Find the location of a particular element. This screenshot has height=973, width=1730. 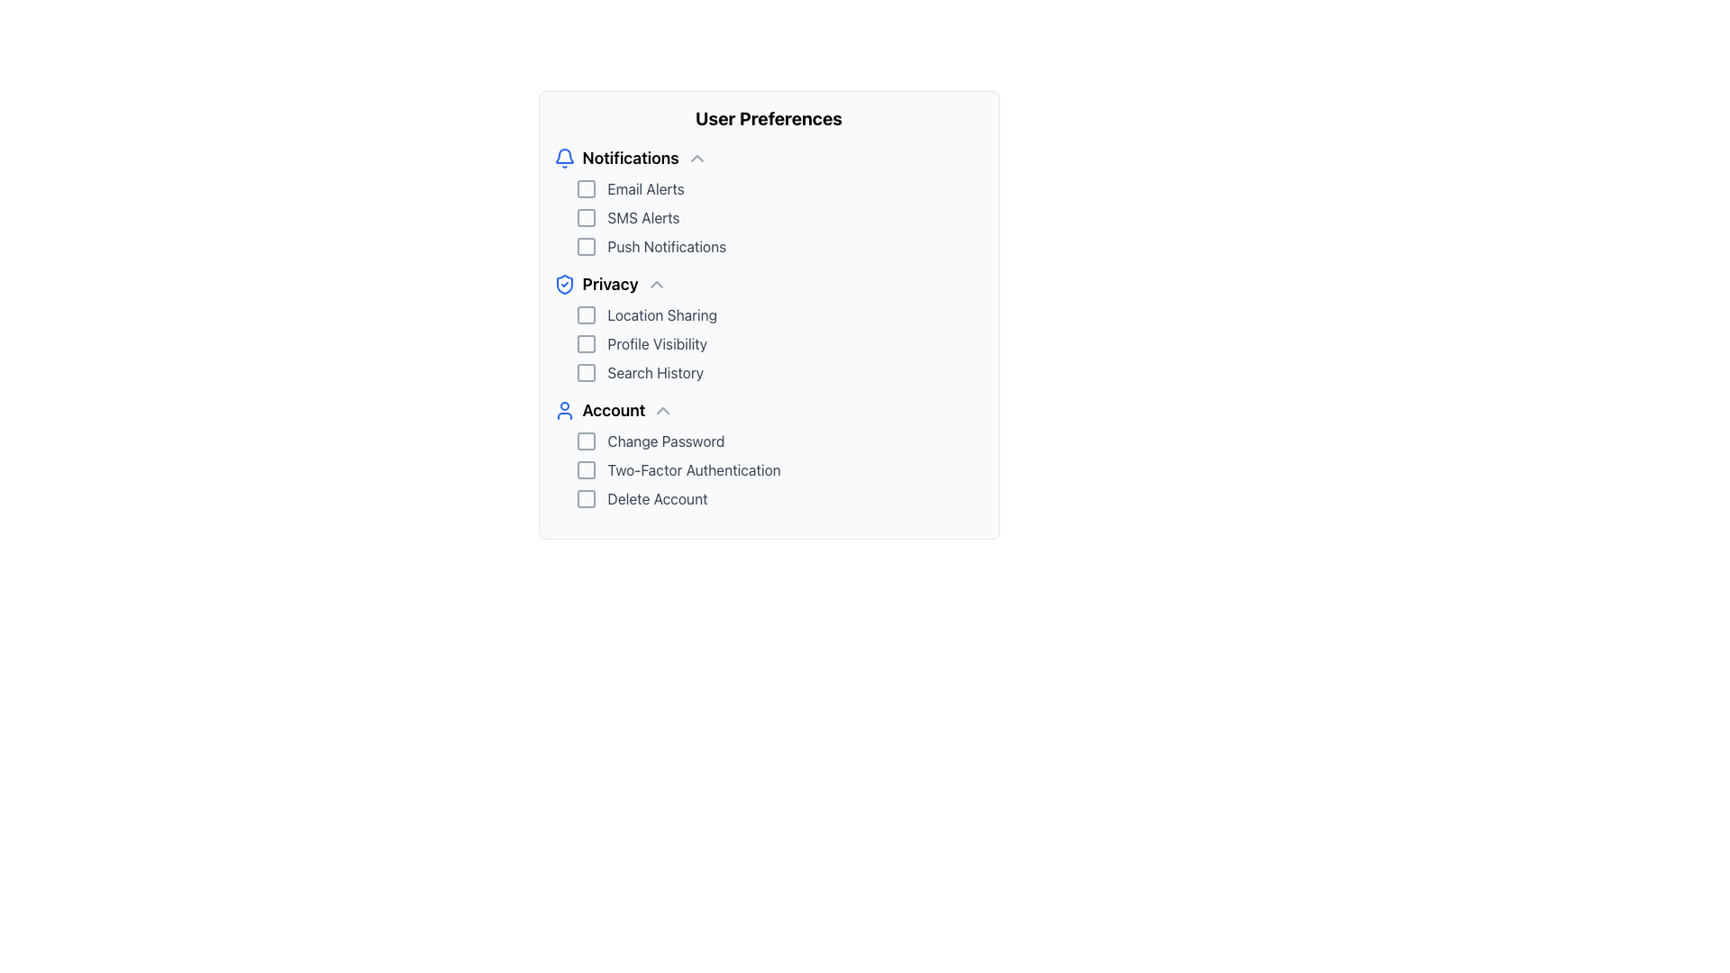

the square-shaped checkbox with a light gray outline in the 'Privacy' section labeled 'Profile Visibility' is located at coordinates (586, 343).